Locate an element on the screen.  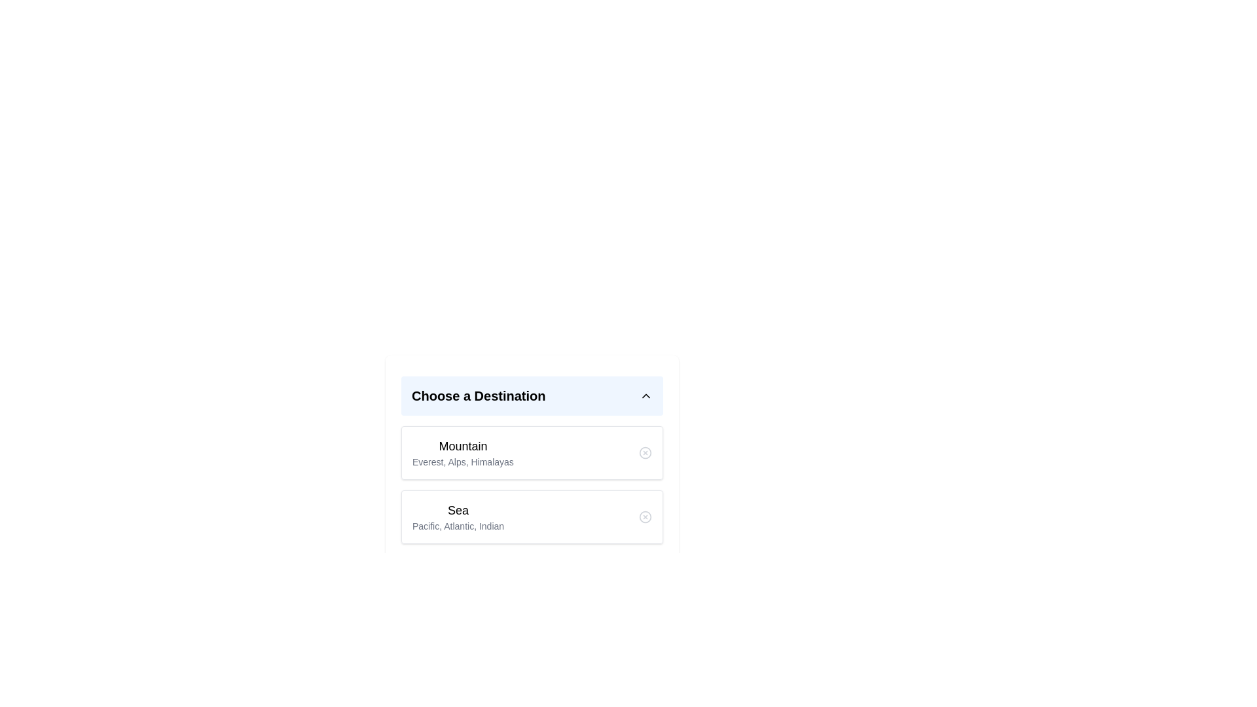
the upward-pointing chevron icon, colored in black, which is located at the far right of the 'Choose a Destination' label is located at coordinates (646, 395).